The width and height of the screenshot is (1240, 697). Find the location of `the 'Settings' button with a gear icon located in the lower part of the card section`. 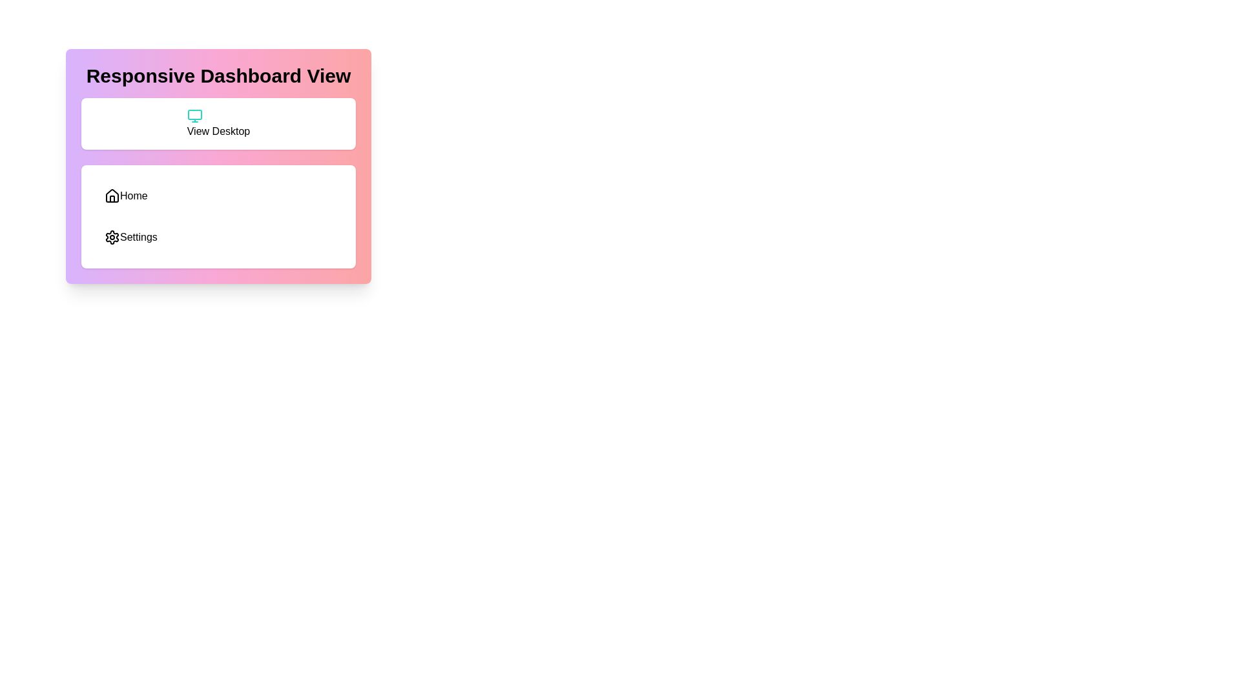

the 'Settings' button with a gear icon located in the lower part of the card section is located at coordinates (130, 237).